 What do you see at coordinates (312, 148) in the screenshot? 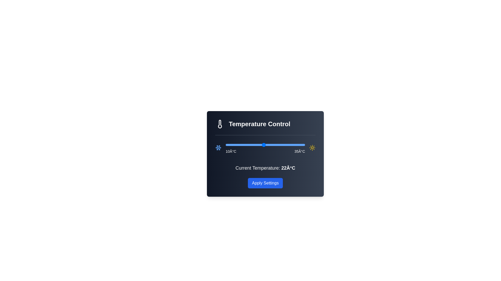
I see `the sun icon to interact with it` at bounding box center [312, 148].